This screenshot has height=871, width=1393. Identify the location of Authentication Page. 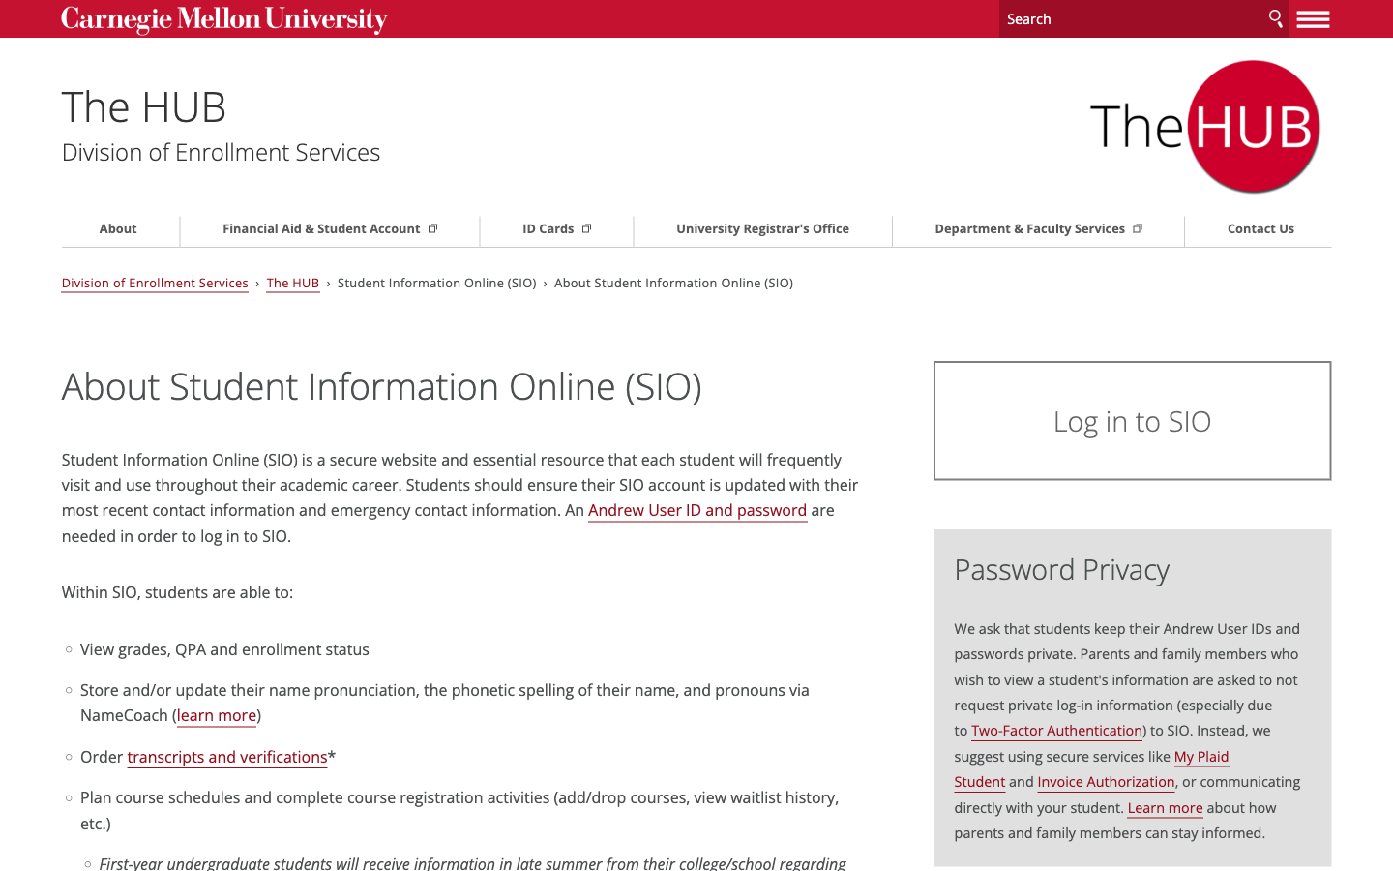
(1097, 420).